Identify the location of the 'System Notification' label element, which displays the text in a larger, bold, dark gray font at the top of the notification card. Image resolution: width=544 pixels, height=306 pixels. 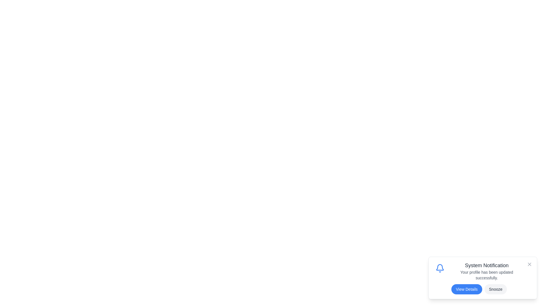
(486, 265).